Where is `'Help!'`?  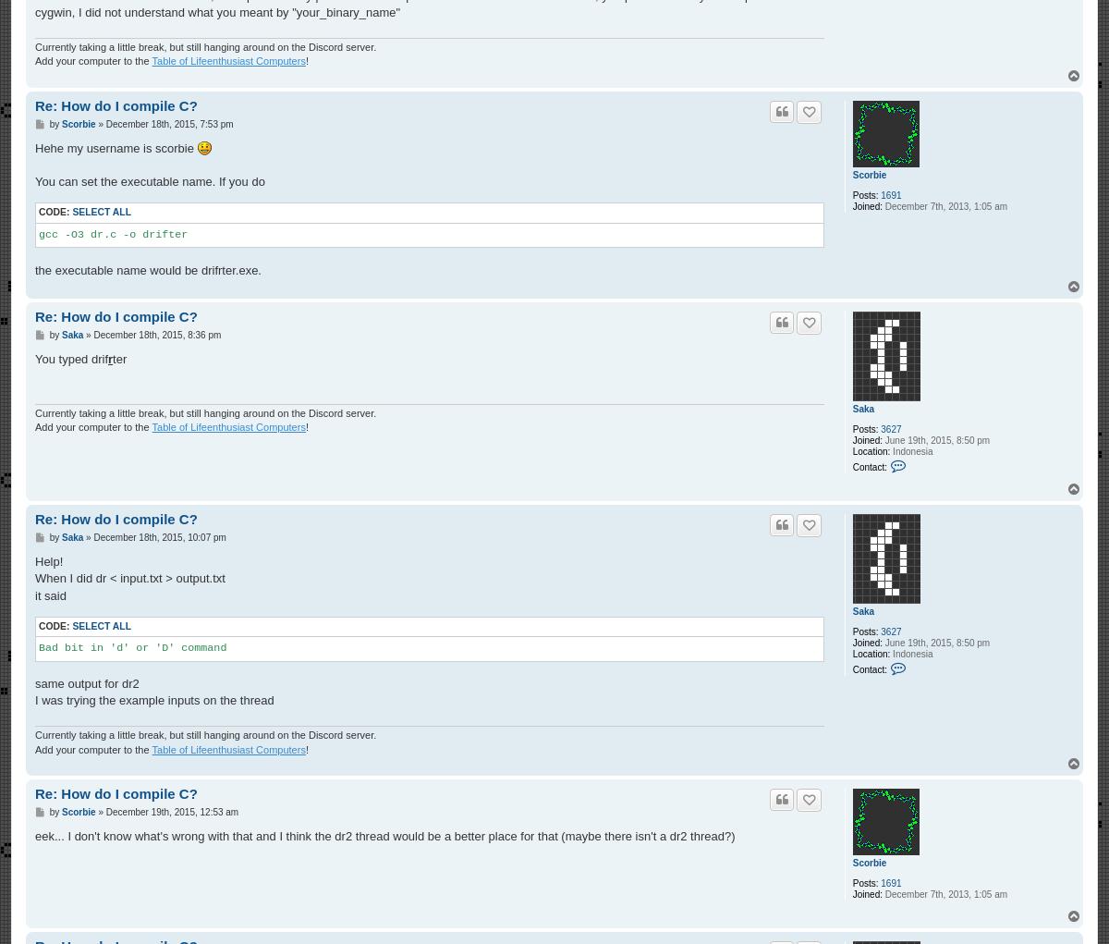
'Help!' is located at coordinates (49, 561).